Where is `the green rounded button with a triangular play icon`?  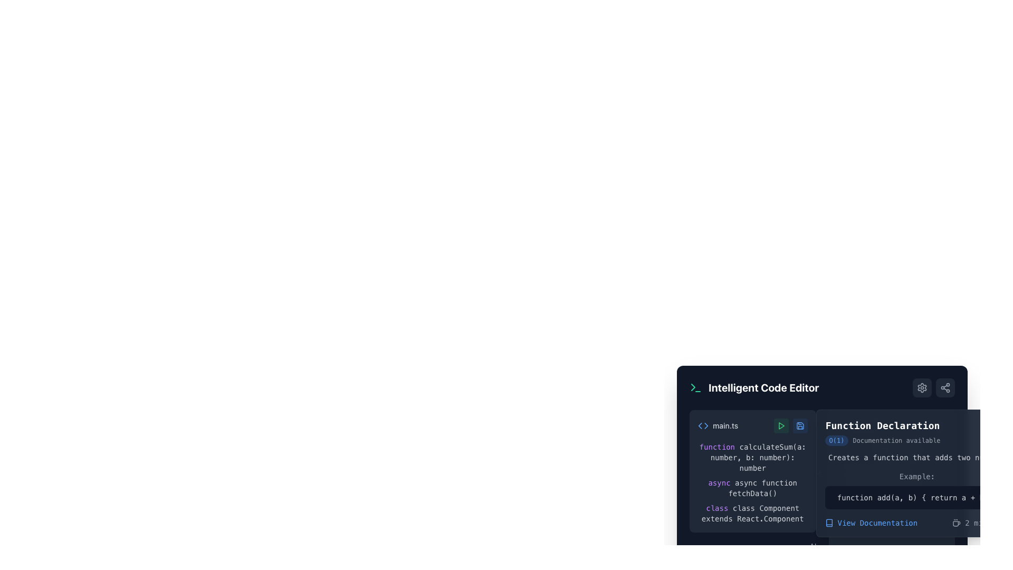 the green rounded button with a triangular play icon is located at coordinates (781, 425).